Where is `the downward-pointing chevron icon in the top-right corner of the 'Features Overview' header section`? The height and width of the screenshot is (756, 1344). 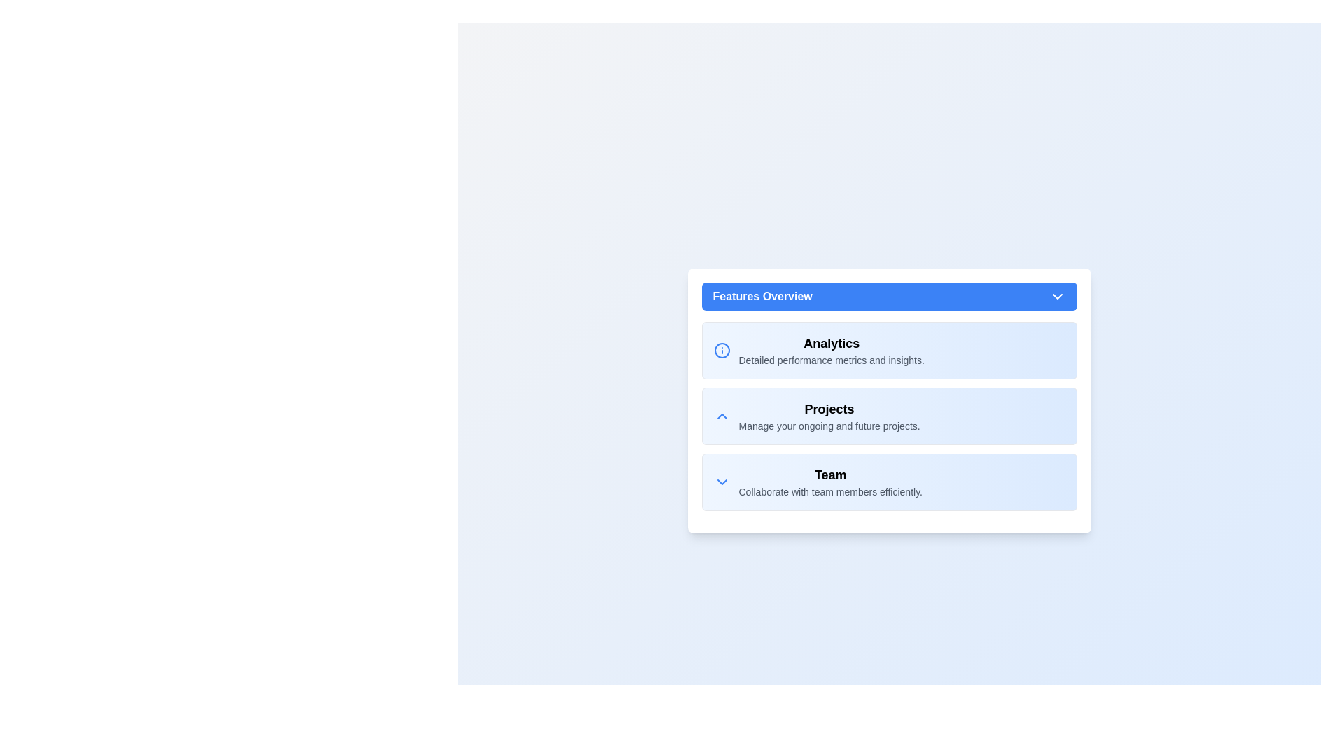
the downward-pointing chevron icon in the top-right corner of the 'Features Overview' header section is located at coordinates (1057, 296).